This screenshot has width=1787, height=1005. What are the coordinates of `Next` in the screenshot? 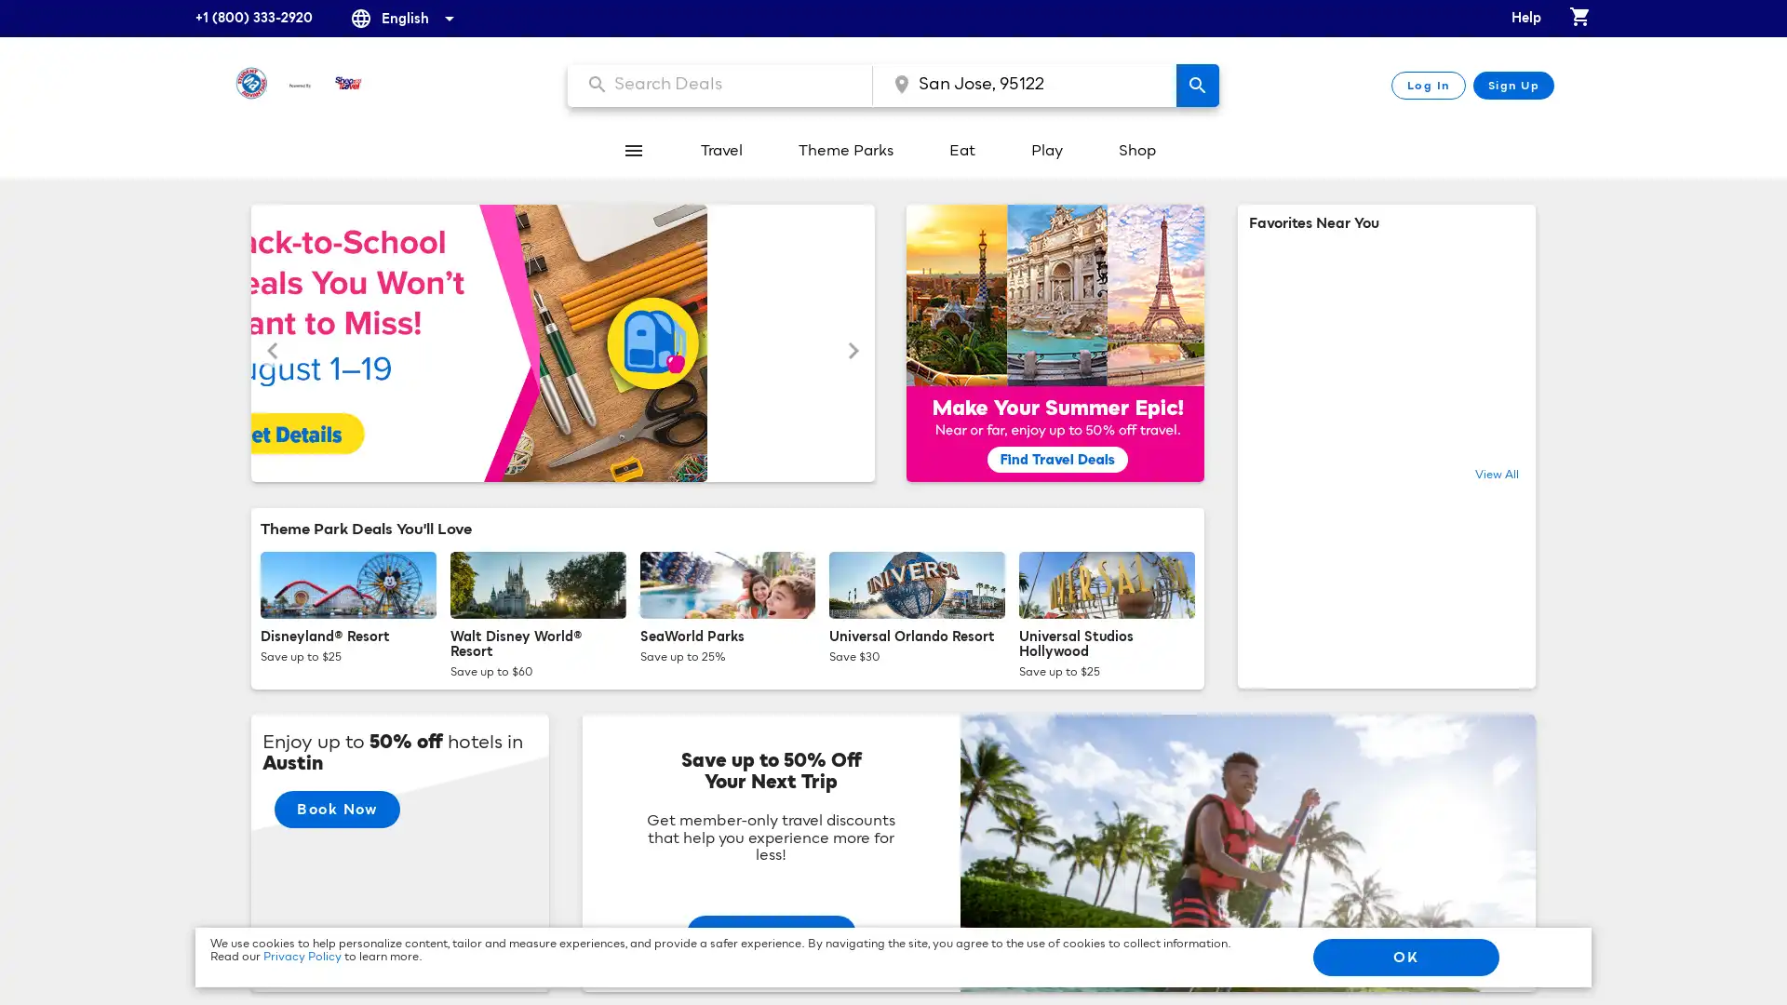 It's located at (844, 343).